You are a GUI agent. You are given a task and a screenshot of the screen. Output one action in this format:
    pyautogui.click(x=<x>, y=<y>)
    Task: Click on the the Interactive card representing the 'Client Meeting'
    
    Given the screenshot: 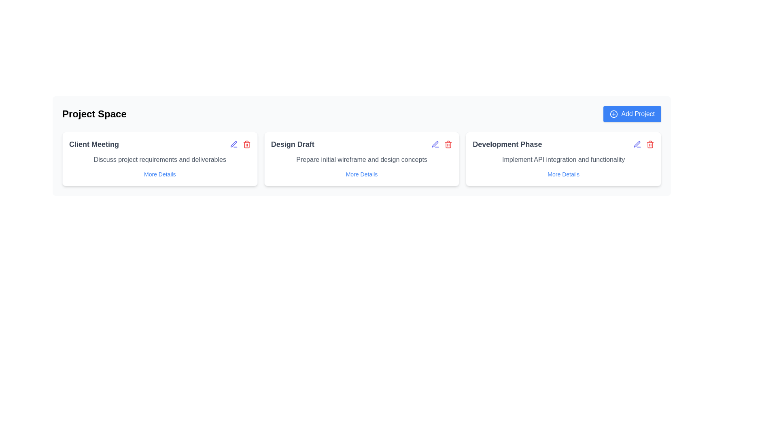 What is the action you would take?
    pyautogui.click(x=160, y=159)
    